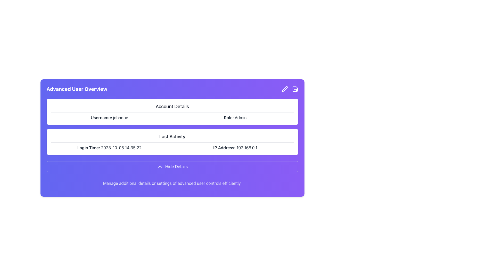  I want to click on text of the label indicating the user's role, which displays 'Admin' and is located under the 'Account Details' heading, so click(229, 117).